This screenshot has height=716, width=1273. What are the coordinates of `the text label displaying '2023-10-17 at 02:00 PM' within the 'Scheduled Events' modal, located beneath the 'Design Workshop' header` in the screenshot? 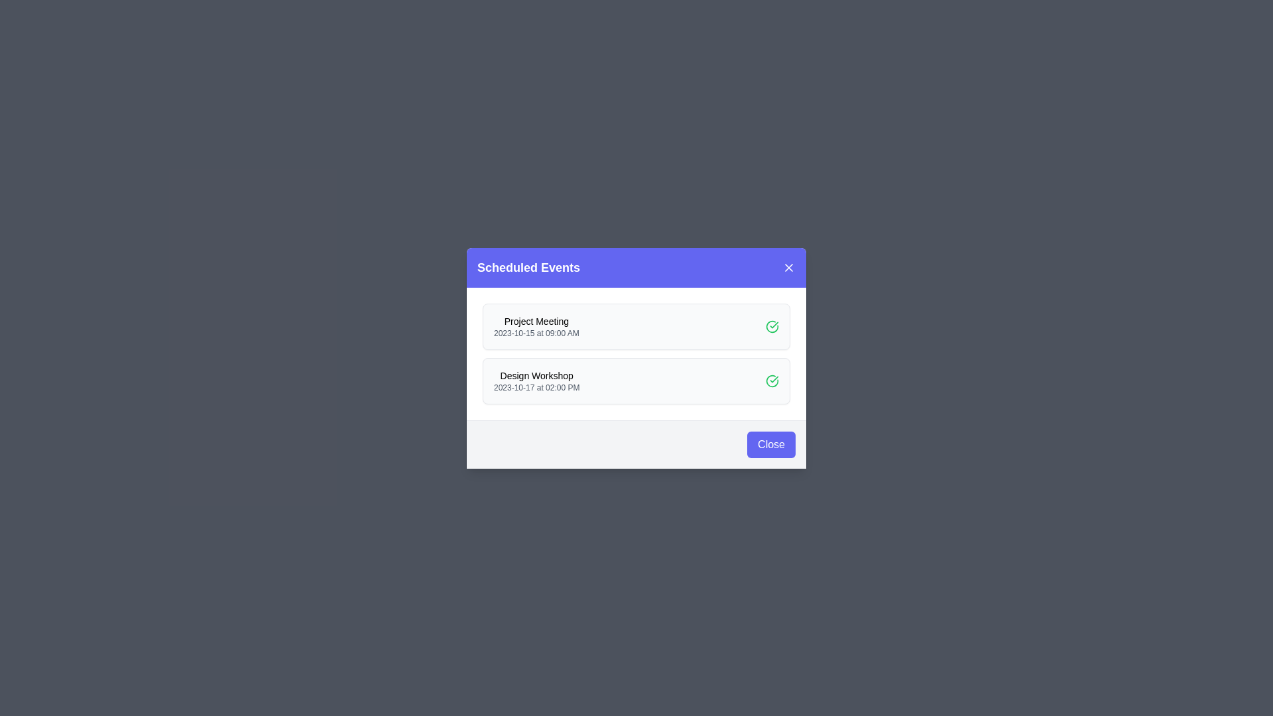 It's located at (536, 387).